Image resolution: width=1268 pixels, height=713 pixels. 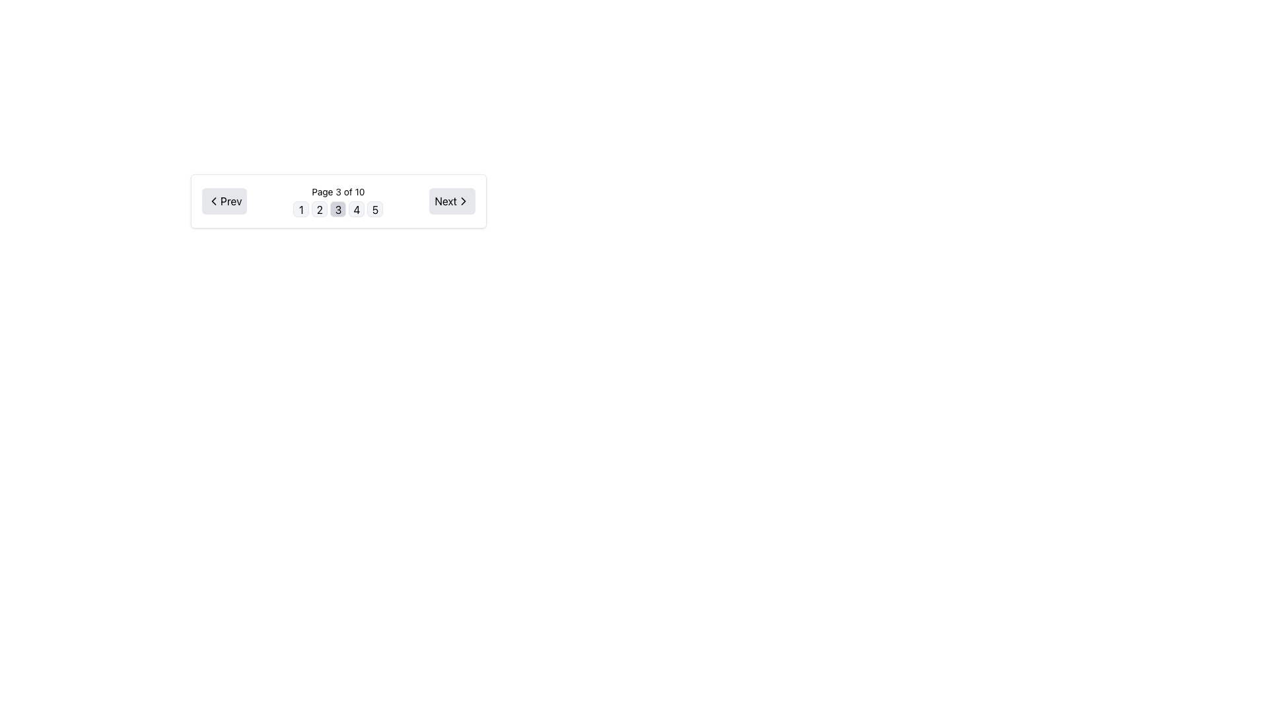 What do you see at coordinates (338, 208) in the screenshot?
I see `the non-interactive pagination indicator displaying the number '3', which is part of a series of five boxes for page navigation` at bounding box center [338, 208].